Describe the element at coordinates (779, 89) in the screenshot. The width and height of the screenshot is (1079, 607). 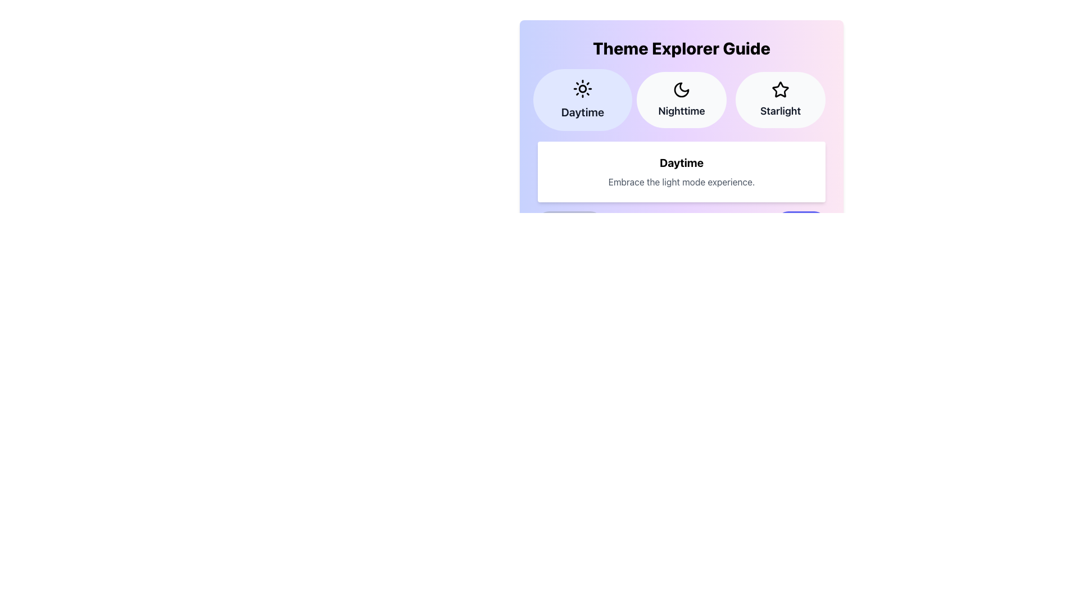
I see `the star-shaped icon, which is the third icon in a row representing 'Daytime', 'Nighttime', and 'Starlight'` at that location.